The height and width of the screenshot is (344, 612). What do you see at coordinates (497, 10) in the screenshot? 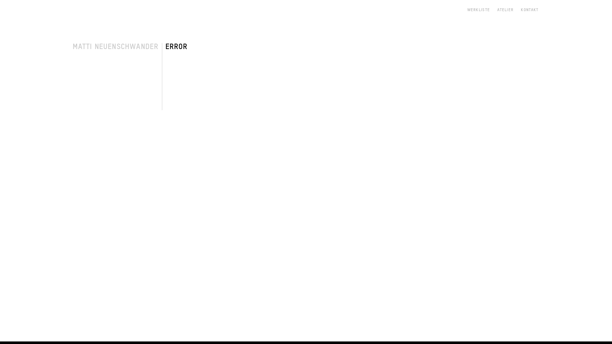
I see `'ATELIER'` at bounding box center [497, 10].